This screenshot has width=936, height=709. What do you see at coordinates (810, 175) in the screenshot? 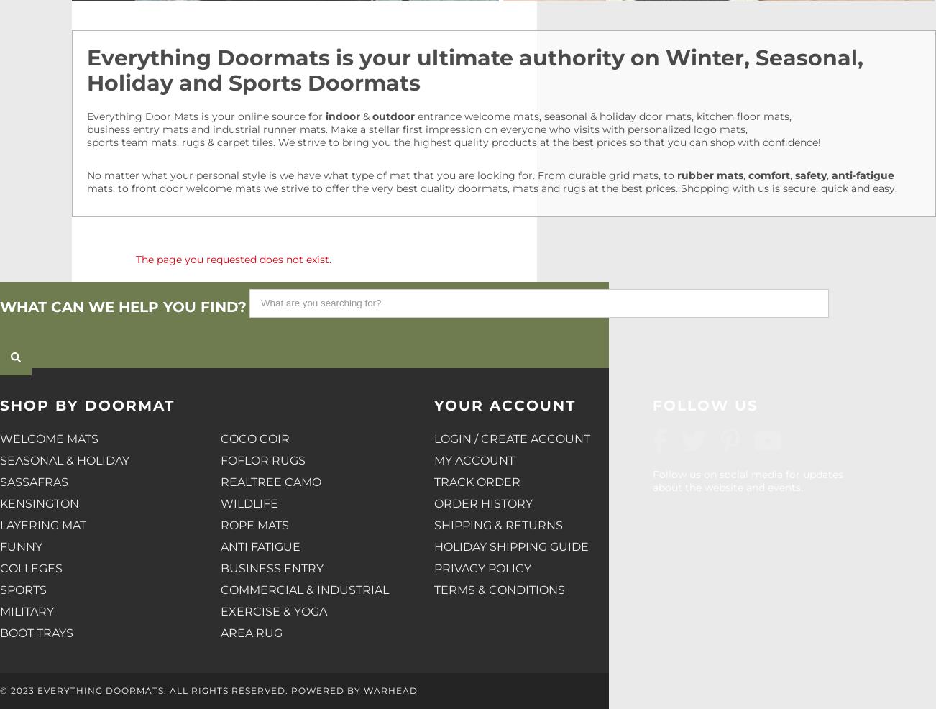
I see `'safety'` at bounding box center [810, 175].